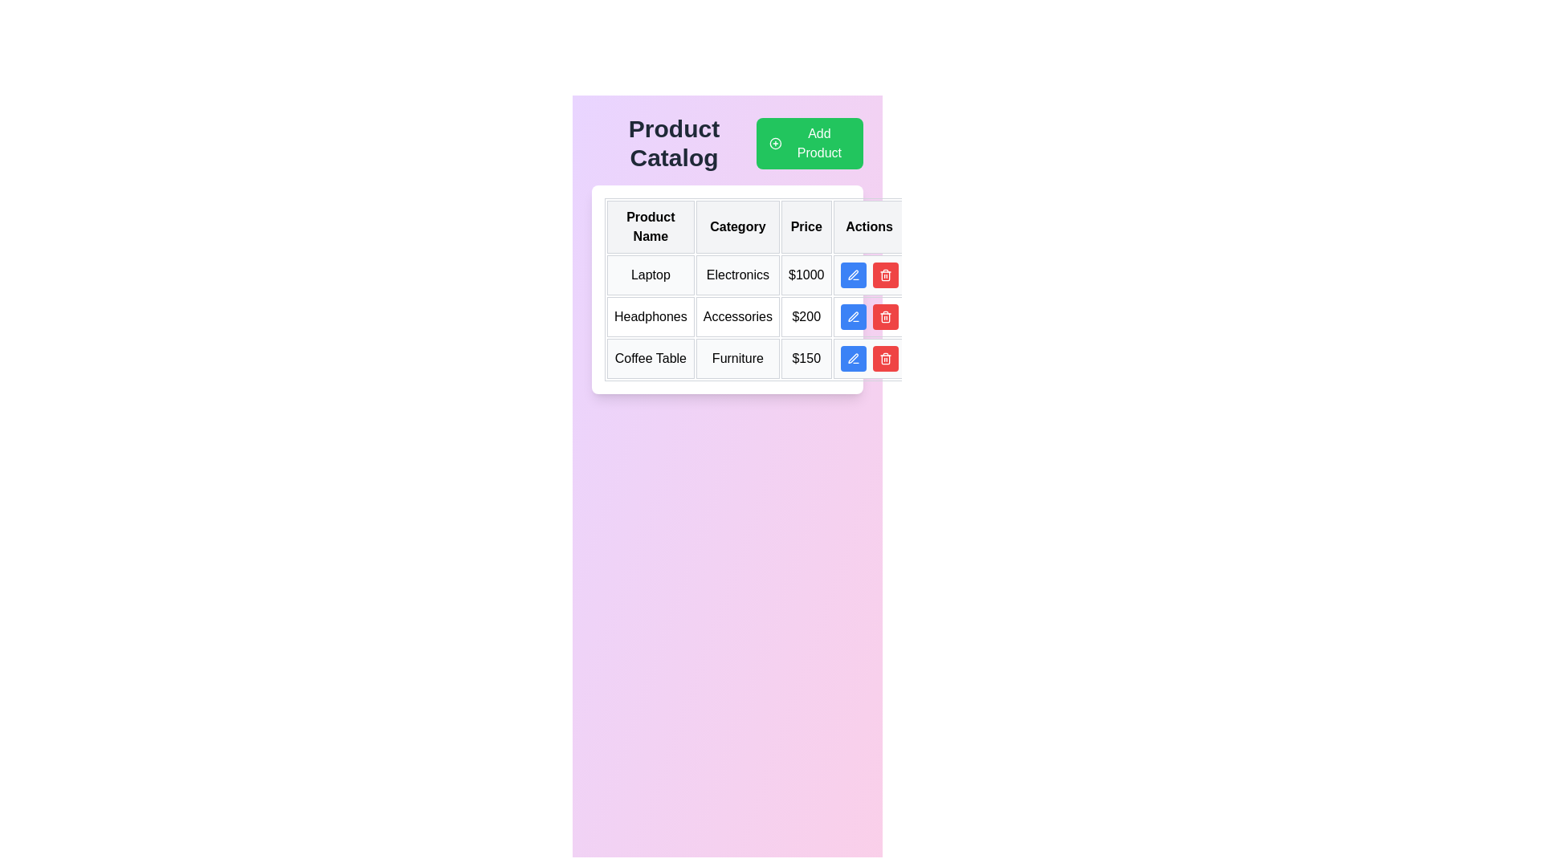  Describe the element at coordinates (884, 358) in the screenshot. I see `the delete button located in the 'Actions' column of the table, aligned to the right of the 'Coffee Table' entry` at that location.